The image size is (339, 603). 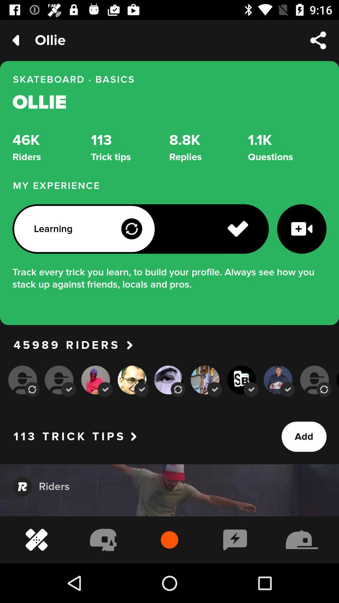 I want to click on the icon left to the video icon, so click(x=238, y=228).